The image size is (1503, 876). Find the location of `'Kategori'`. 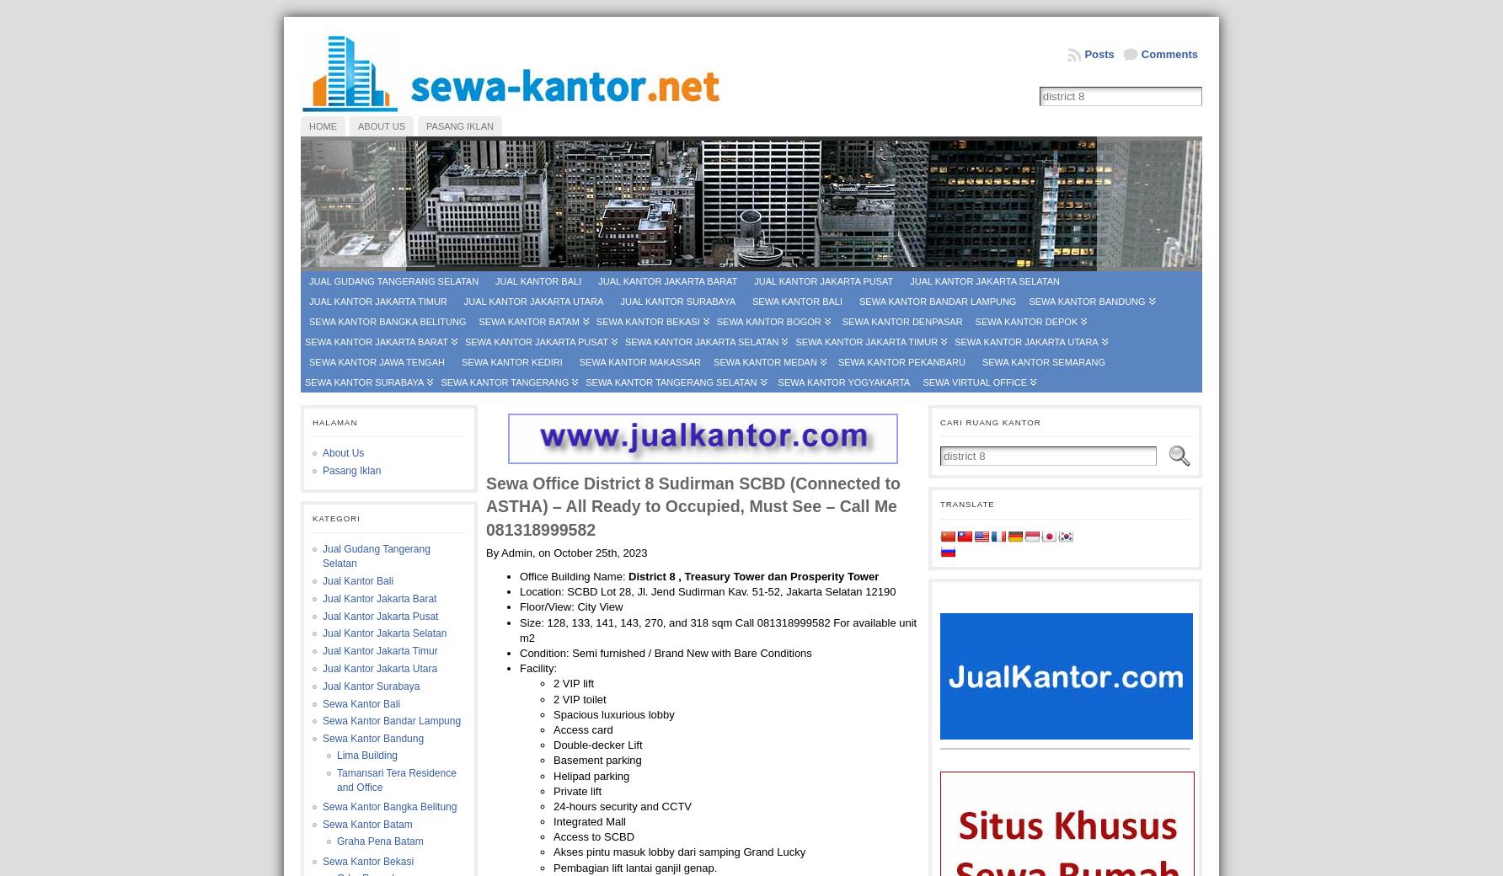

'Kategori' is located at coordinates (335, 517).